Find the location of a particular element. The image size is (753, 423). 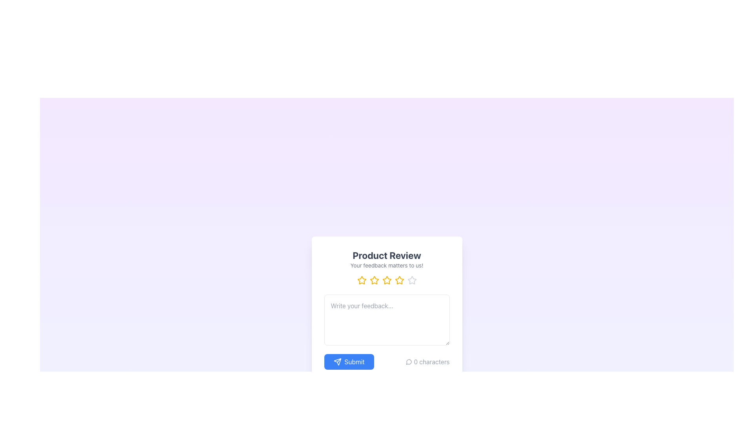

the second star in the rating selection is located at coordinates (374, 280).